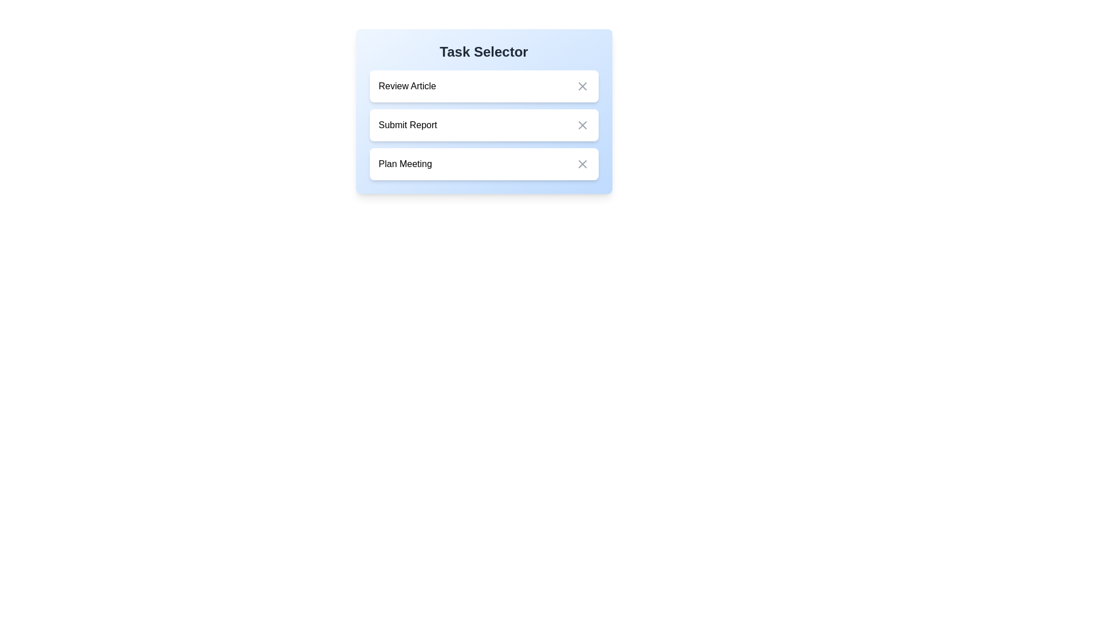  Describe the element at coordinates (405, 164) in the screenshot. I see `the text label that displays 'Plan Meeting' in bold font style, located within the third item of a vertical task list, to the left of the delete ('X') icon` at that location.